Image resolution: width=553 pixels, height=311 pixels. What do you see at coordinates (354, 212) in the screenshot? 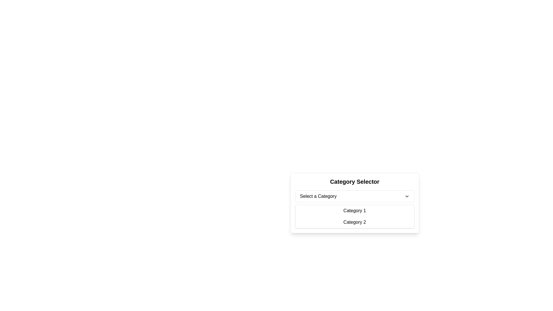
I see `the 'Category Selector' dropdown menu` at bounding box center [354, 212].